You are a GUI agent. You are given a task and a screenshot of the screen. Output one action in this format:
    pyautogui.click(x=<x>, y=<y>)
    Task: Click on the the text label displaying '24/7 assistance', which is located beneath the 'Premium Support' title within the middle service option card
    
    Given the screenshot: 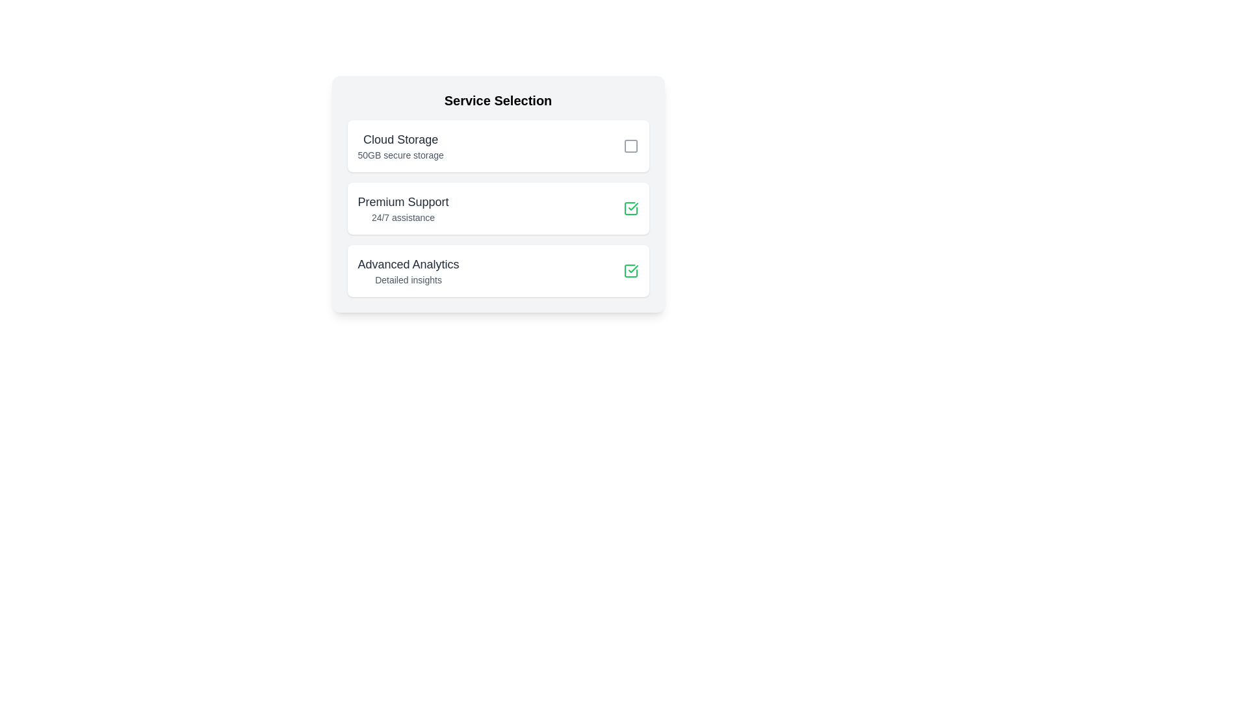 What is the action you would take?
    pyautogui.click(x=402, y=217)
    